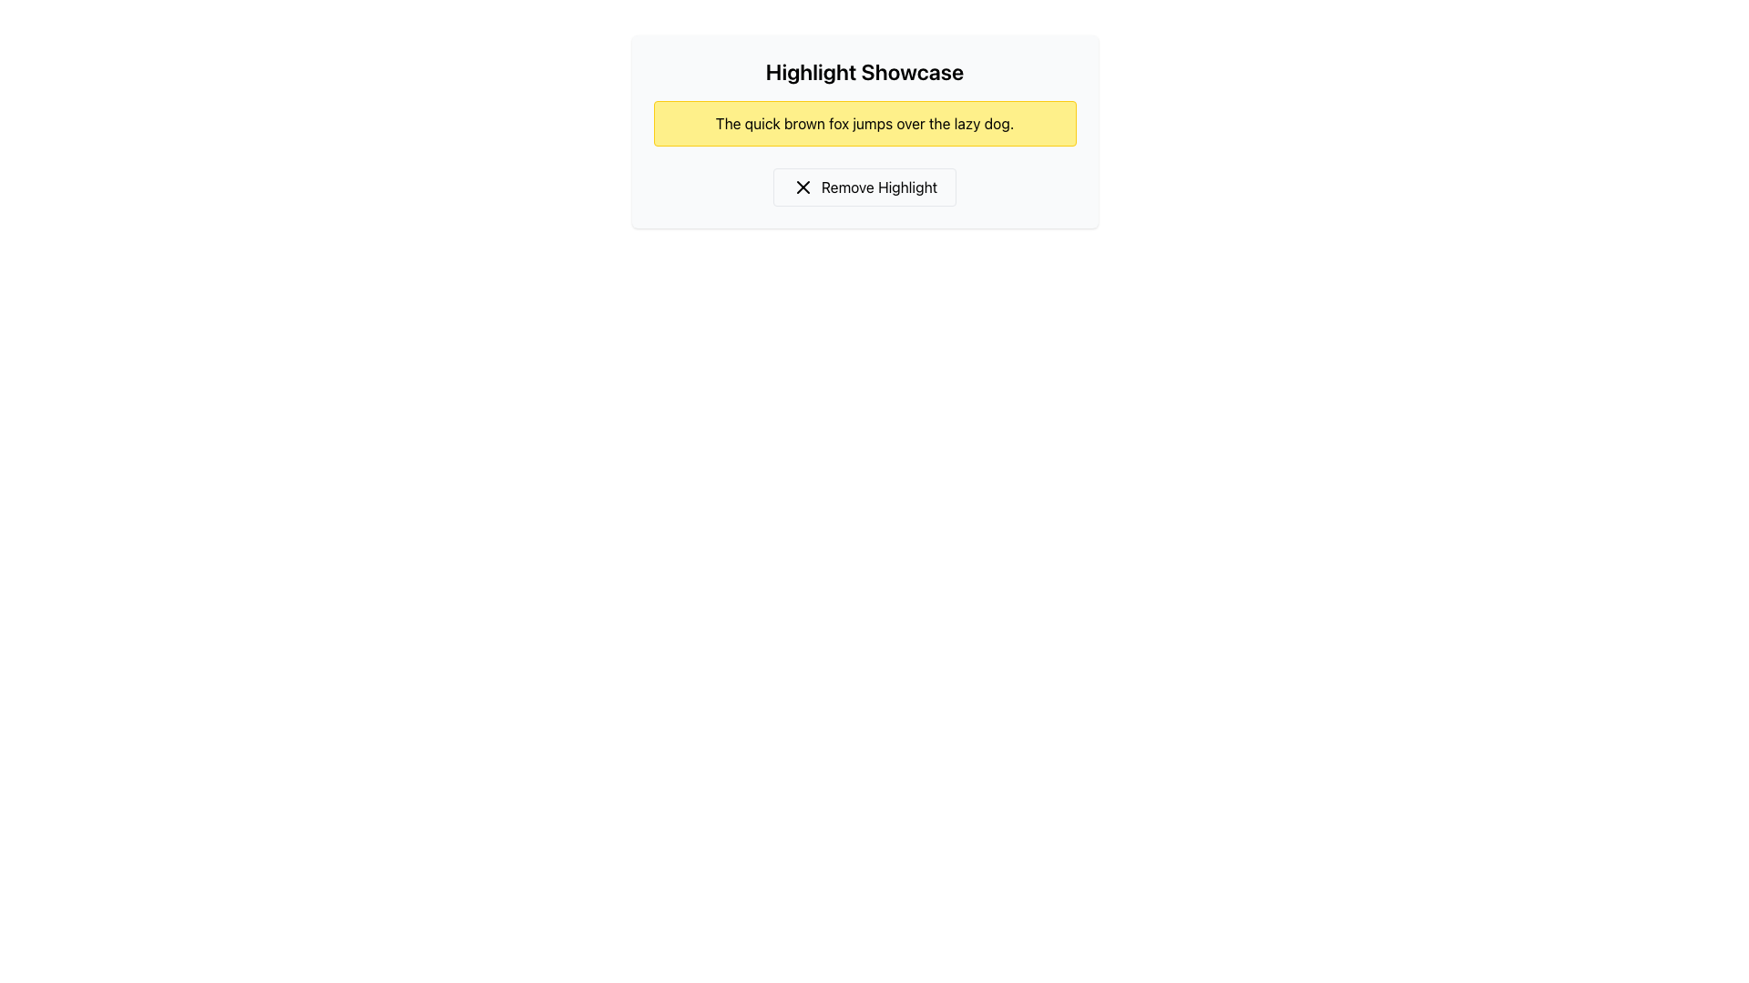 The width and height of the screenshot is (1749, 983). Describe the element at coordinates (864, 187) in the screenshot. I see `the 'Remove Highlight' button located below the text 'The quick brown fox jumps over the lazy dog'` at that location.